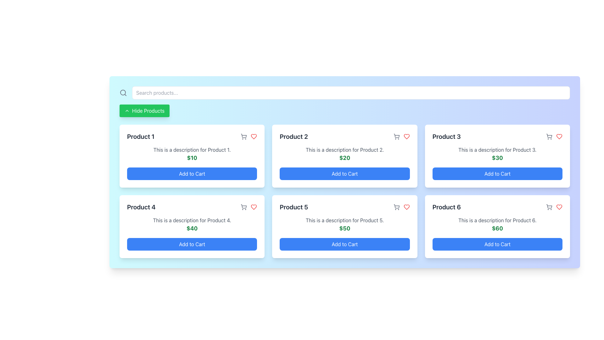 The width and height of the screenshot is (604, 340). Describe the element at coordinates (446, 136) in the screenshot. I see `the text label displaying 'Product 3' in bold, large, dark gray font, located in the upper right card of the product grid, below the search bar` at that location.